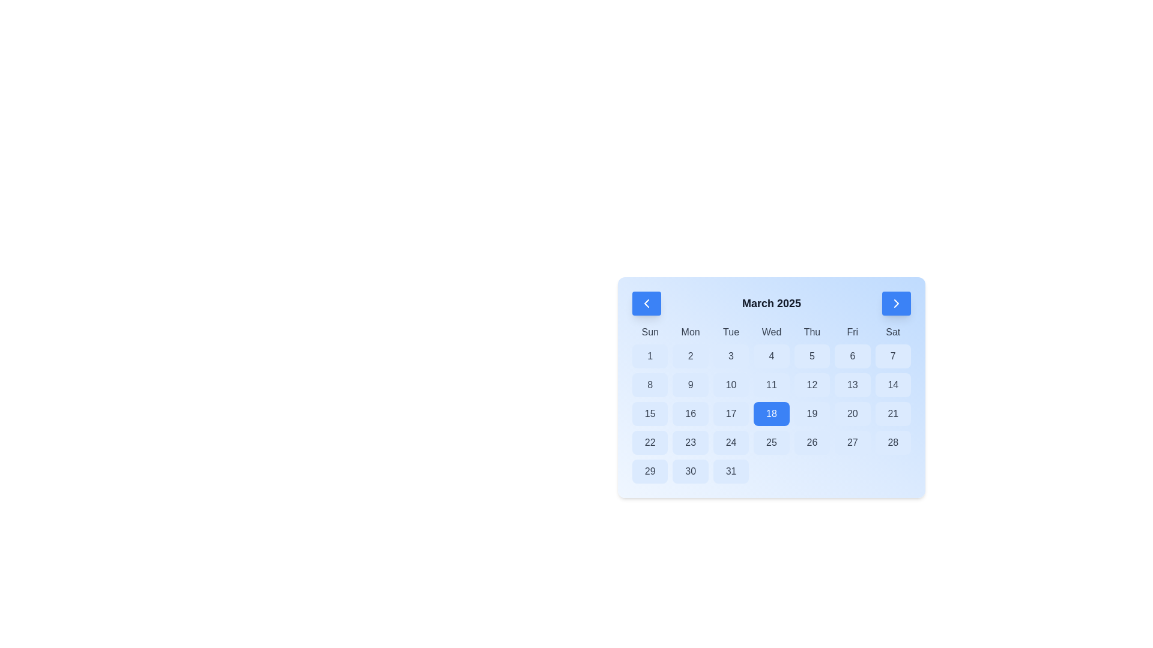 Image resolution: width=1153 pixels, height=648 pixels. I want to click on the interactive button that selects the 27th day of the month, located in the last row and sixth column of the calendar interface, so click(852, 442).